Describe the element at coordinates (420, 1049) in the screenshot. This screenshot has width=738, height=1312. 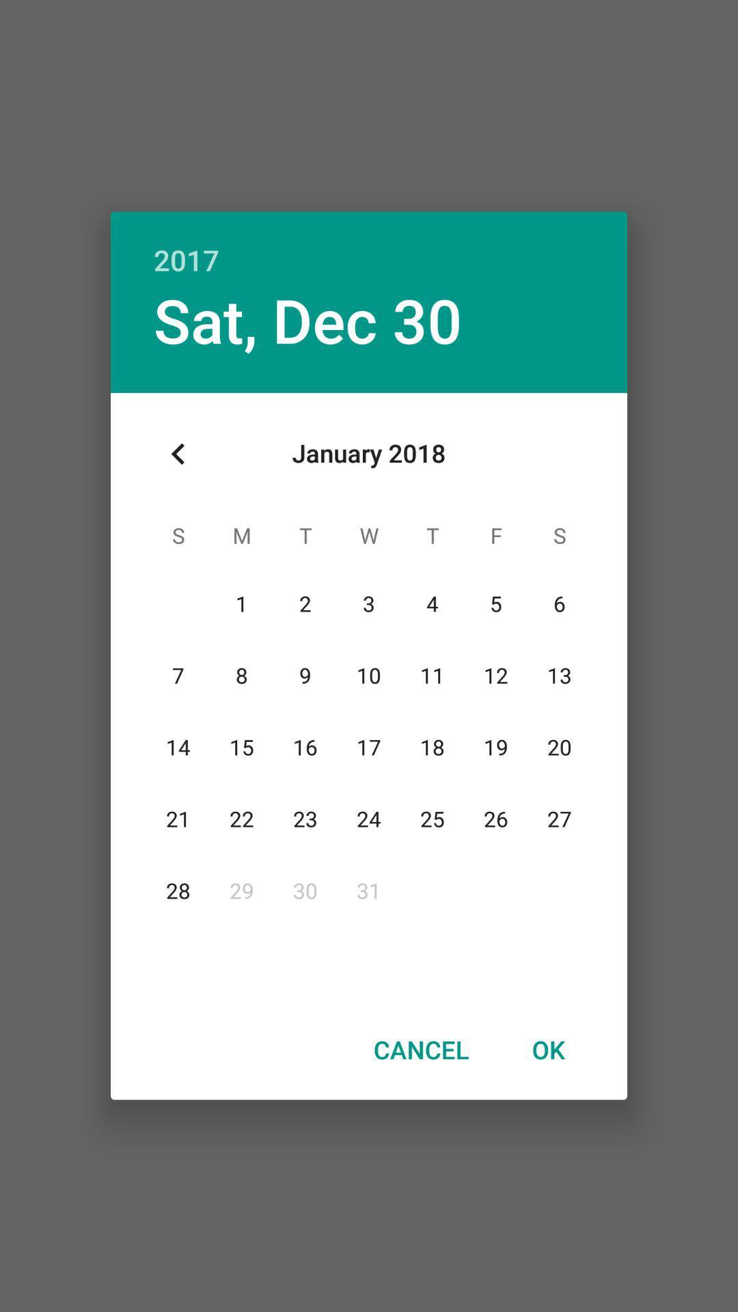
I see `the cancel icon` at that location.